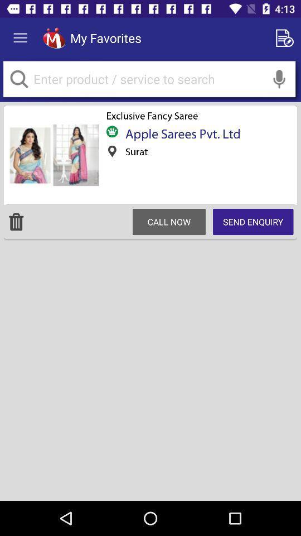 The width and height of the screenshot is (301, 536). Describe the element at coordinates (279, 78) in the screenshot. I see `voice to text option` at that location.